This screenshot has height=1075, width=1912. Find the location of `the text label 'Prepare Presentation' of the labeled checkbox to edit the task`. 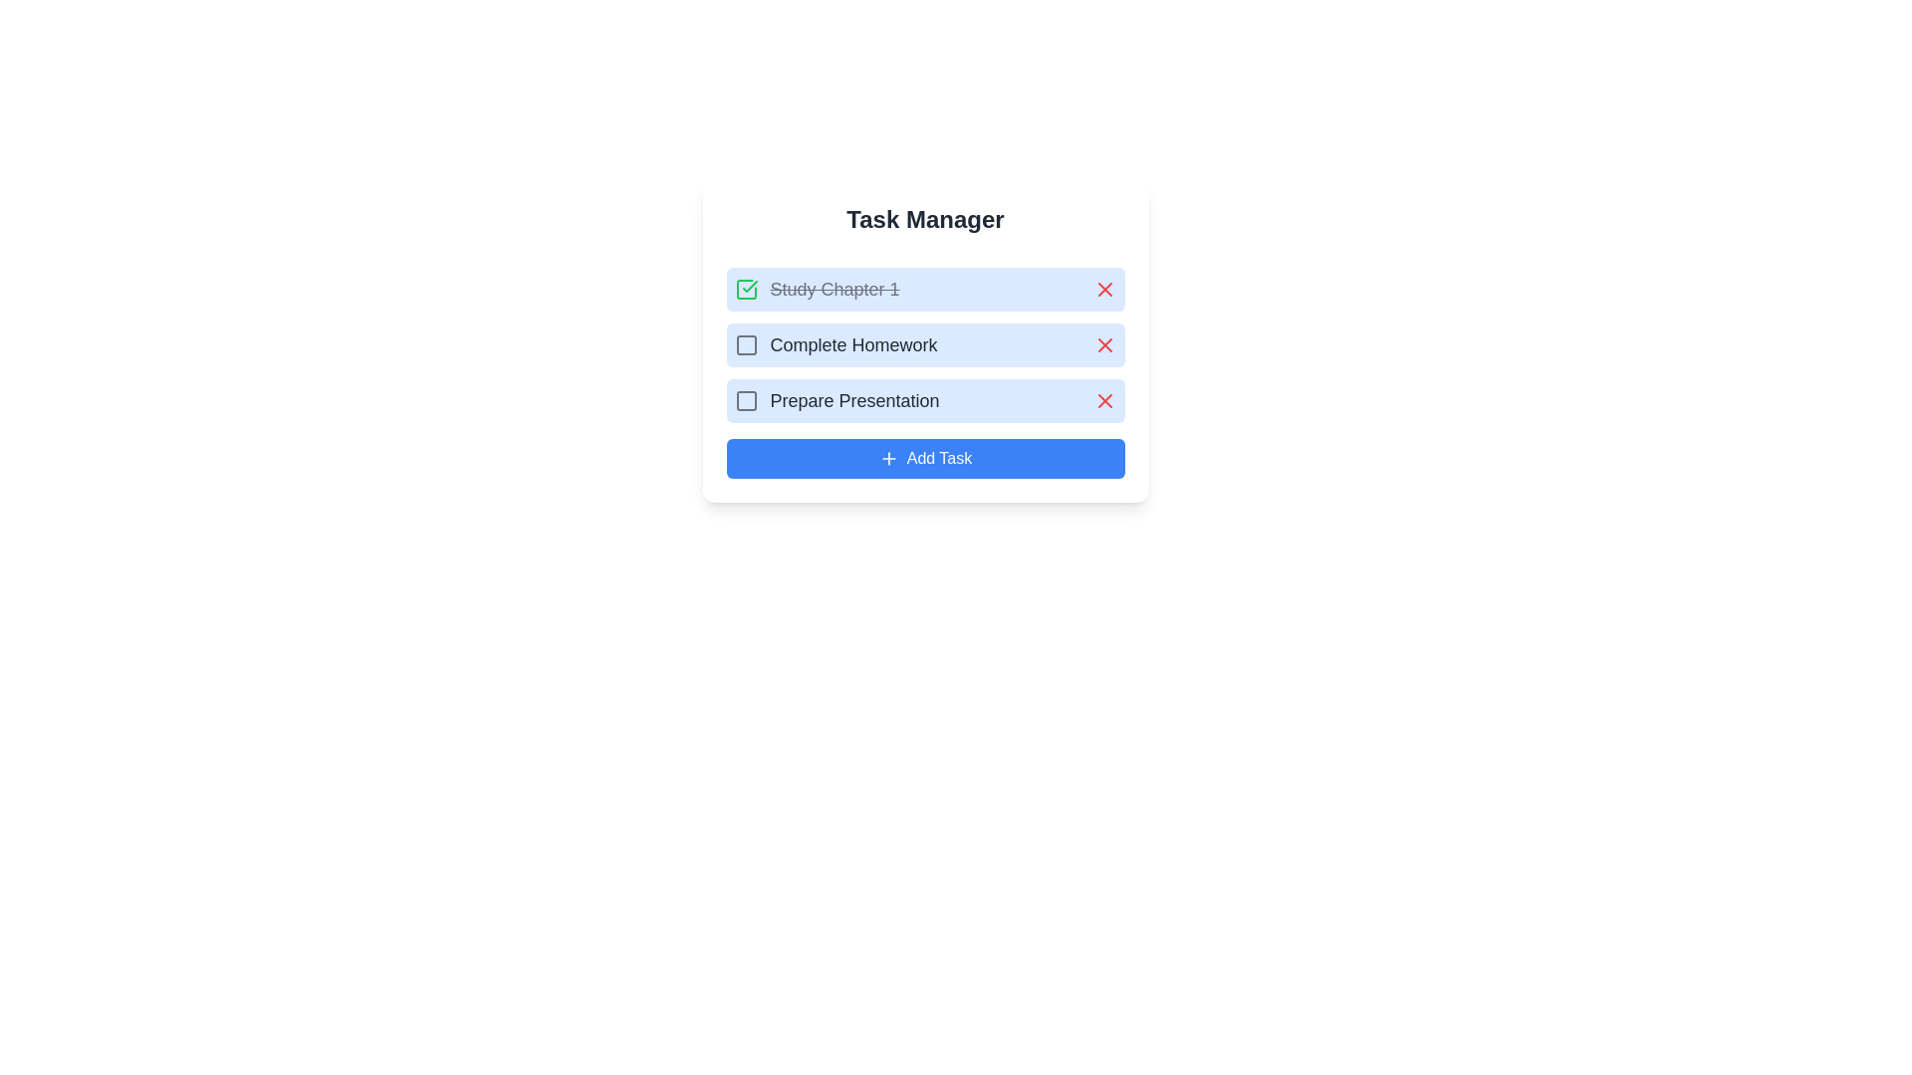

the text label 'Prepare Presentation' of the labeled checkbox to edit the task is located at coordinates (836, 400).